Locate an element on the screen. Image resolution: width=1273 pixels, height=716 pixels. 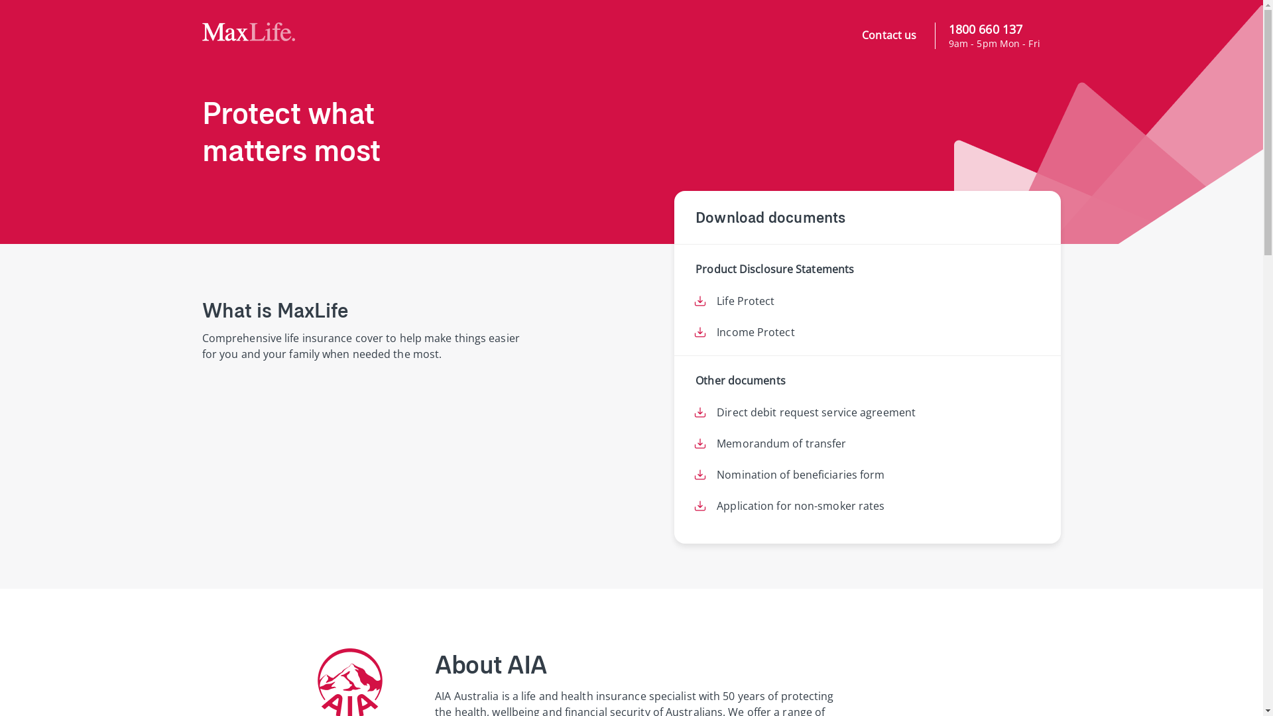
'Nomination of beneficiaries form' is located at coordinates (800, 474).